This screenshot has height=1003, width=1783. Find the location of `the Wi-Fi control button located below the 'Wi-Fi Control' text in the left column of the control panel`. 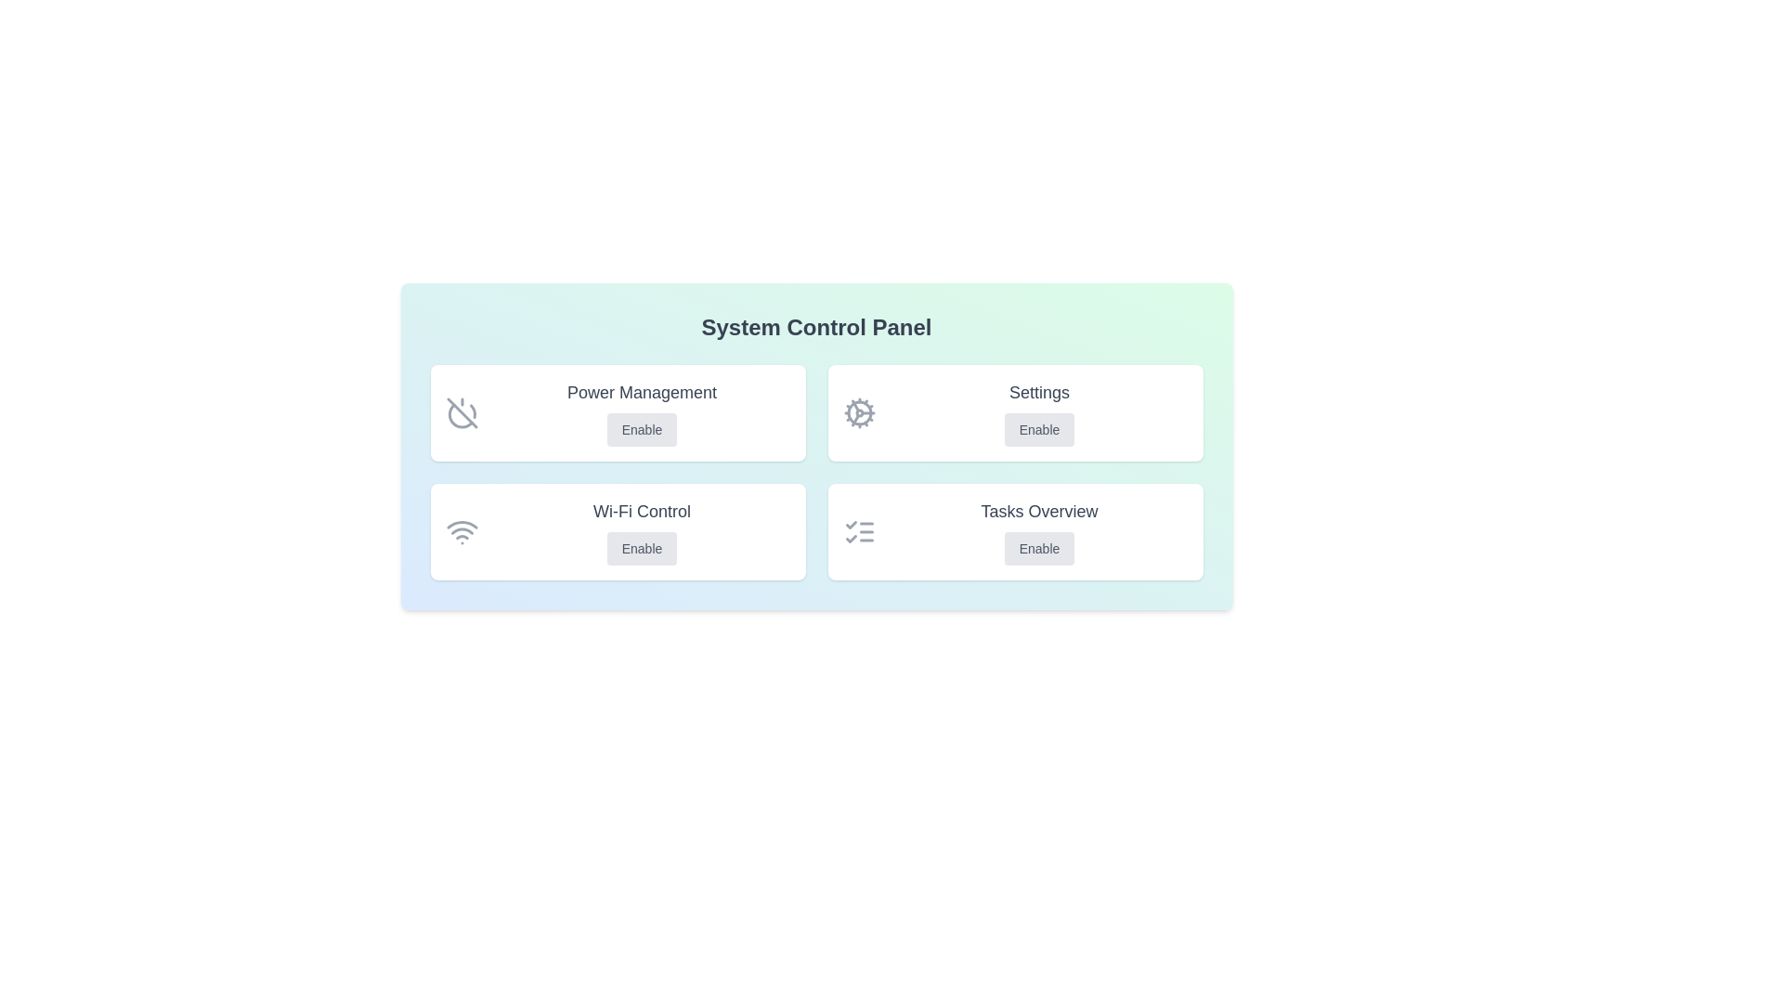

the Wi-Fi control button located below the 'Wi-Fi Control' text in the left column of the control panel is located at coordinates (642, 547).